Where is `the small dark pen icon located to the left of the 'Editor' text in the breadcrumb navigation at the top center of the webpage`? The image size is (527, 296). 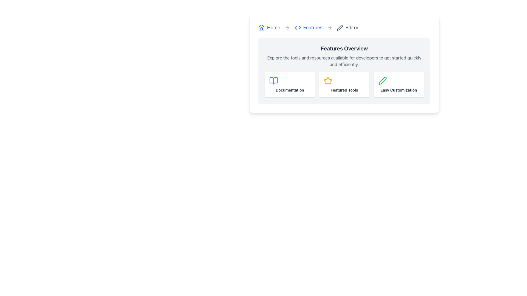
the small dark pen icon located to the left of the 'Editor' text in the breadcrumb navigation at the top center of the webpage is located at coordinates (340, 27).